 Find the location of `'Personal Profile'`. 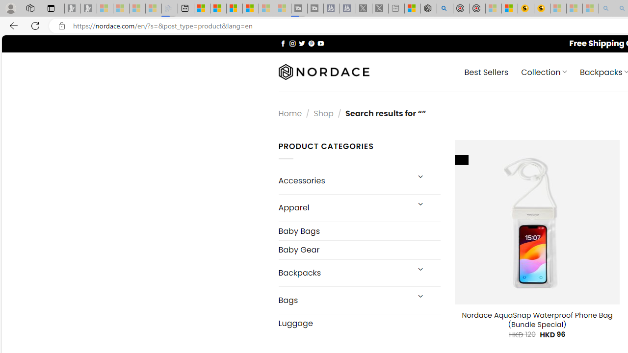

'Personal Profile' is located at coordinates (10, 8).